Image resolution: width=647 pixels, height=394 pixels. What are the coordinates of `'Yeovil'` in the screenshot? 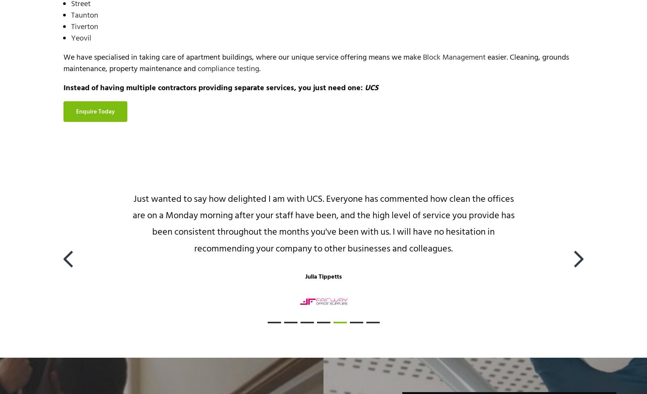 It's located at (81, 38).